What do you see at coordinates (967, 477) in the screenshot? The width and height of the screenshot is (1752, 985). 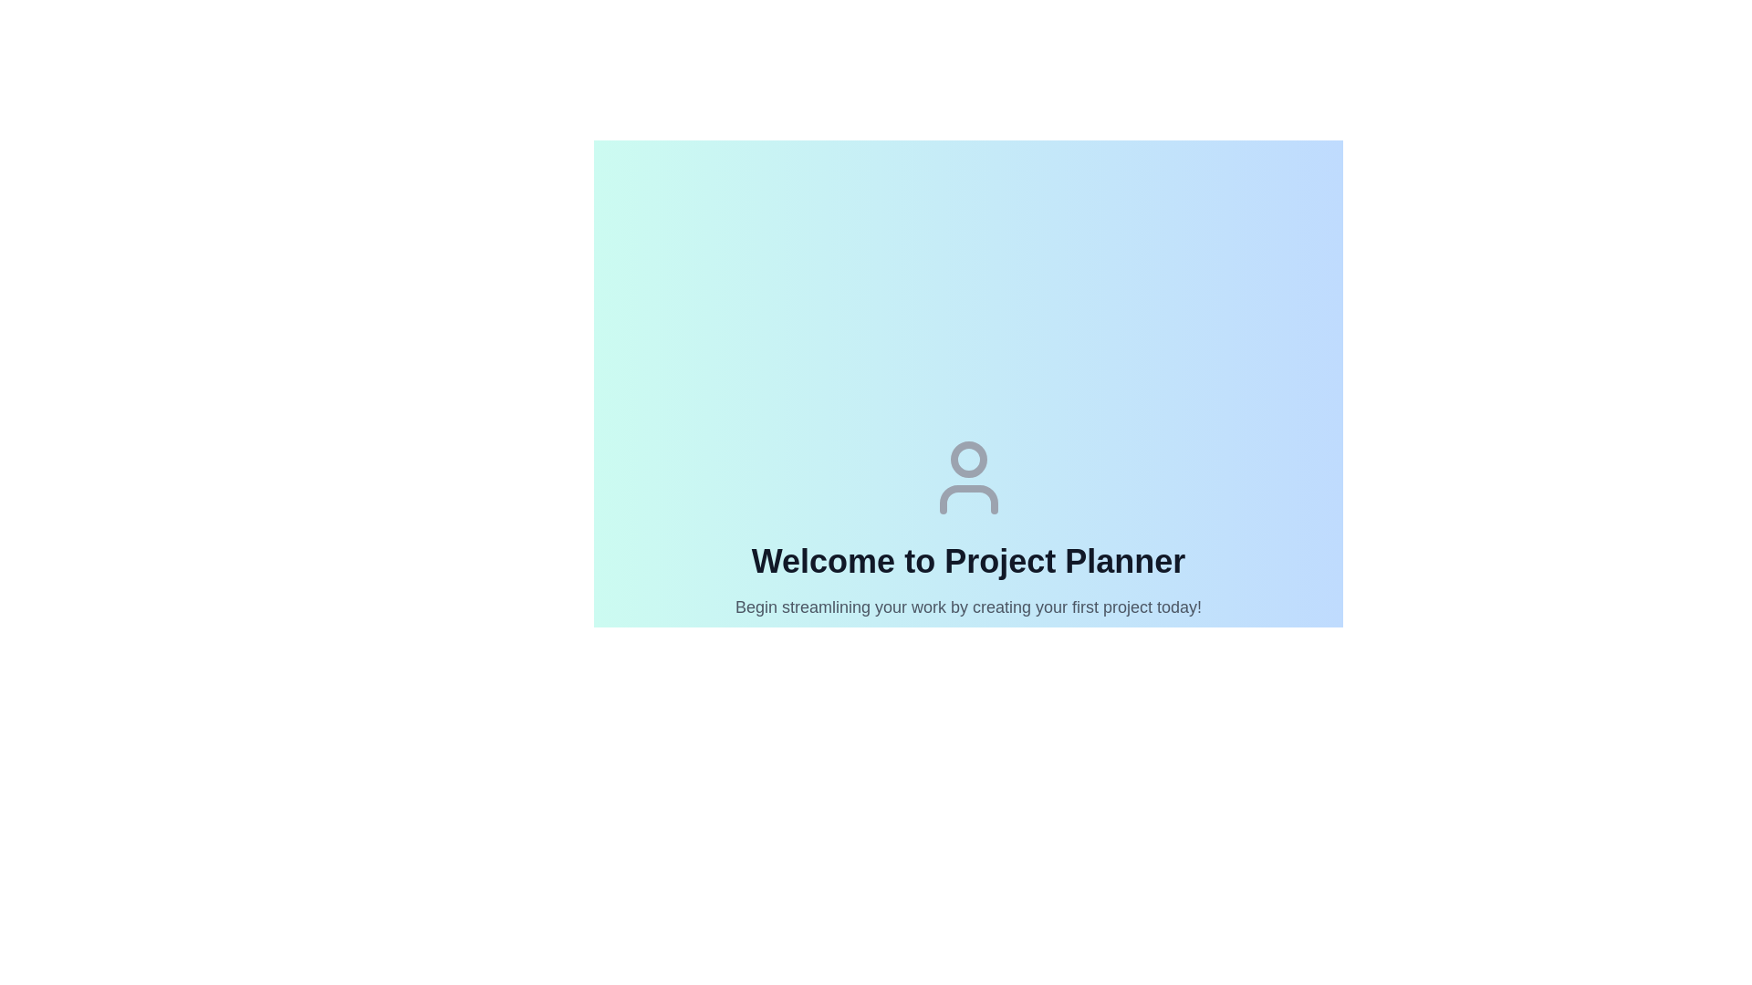 I see `the decorative user icon representing the user profile, located above the title text 'Welcome to Project Planner'` at bounding box center [967, 477].